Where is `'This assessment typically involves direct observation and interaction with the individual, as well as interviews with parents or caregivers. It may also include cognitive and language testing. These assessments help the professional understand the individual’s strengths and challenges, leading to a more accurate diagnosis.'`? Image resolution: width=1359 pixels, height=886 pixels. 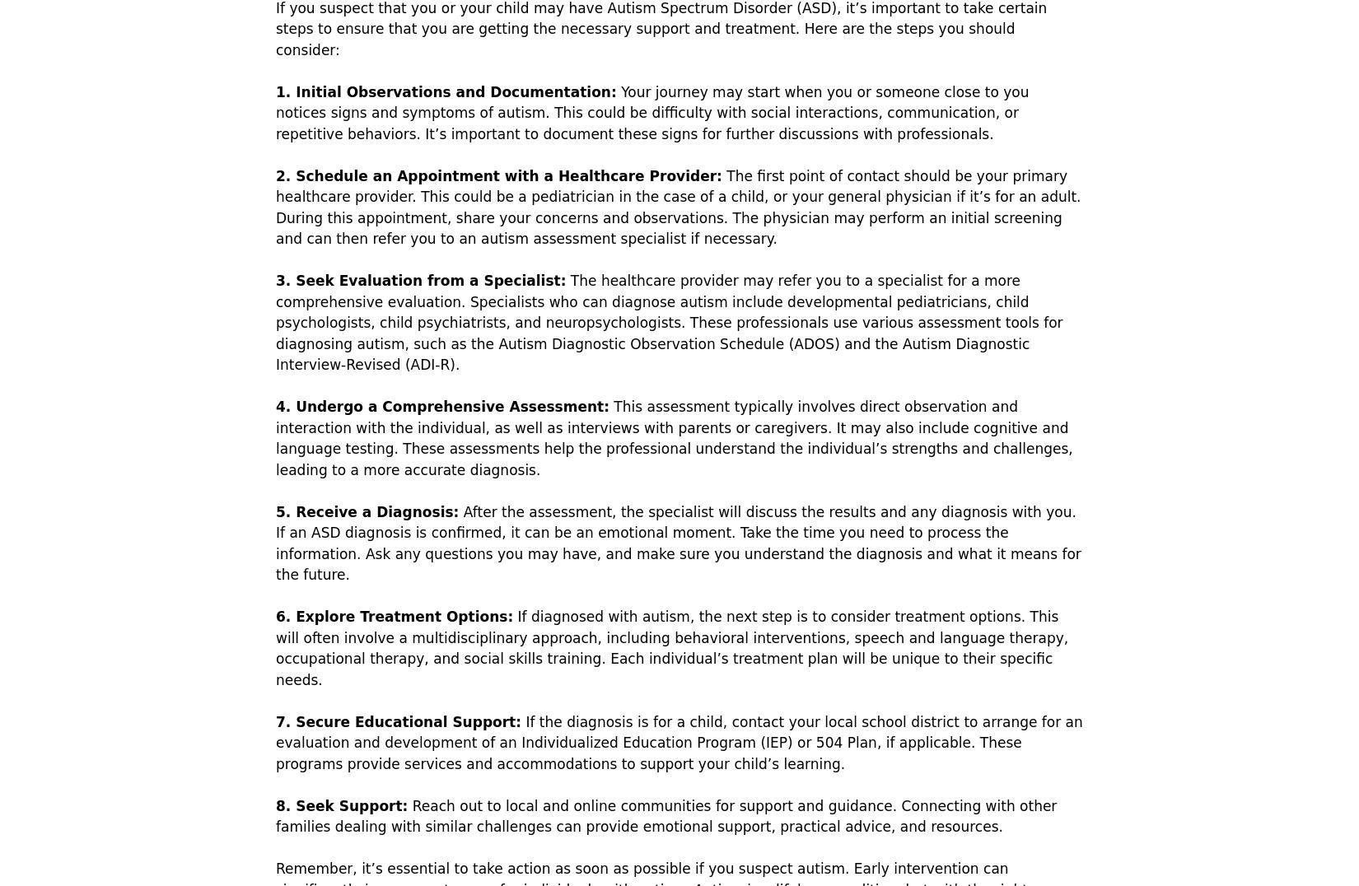
'This assessment typically involves direct observation and interaction with the individual, as well as interviews with parents or caregivers. It may also include cognitive and language testing. These assessments help the professional understand the individual’s strengths and challenges, leading to a more accurate diagnosis.' is located at coordinates (275, 437).